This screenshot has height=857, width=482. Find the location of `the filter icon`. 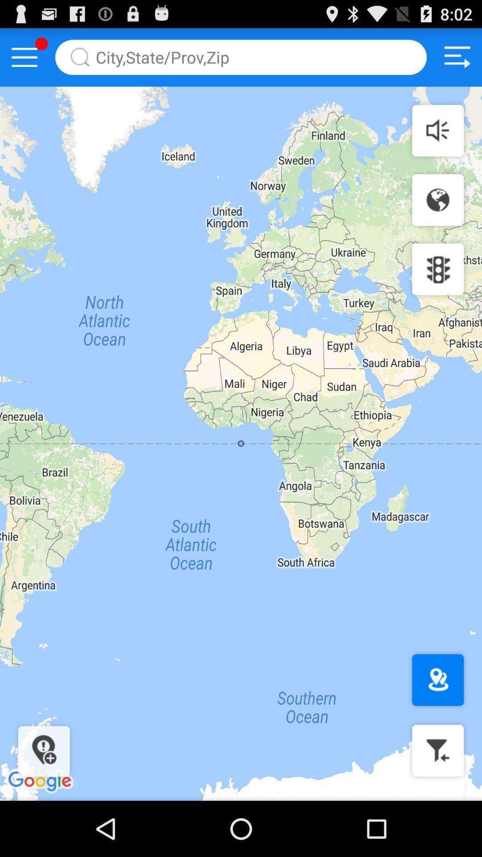

the filter icon is located at coordinates (437, 803).